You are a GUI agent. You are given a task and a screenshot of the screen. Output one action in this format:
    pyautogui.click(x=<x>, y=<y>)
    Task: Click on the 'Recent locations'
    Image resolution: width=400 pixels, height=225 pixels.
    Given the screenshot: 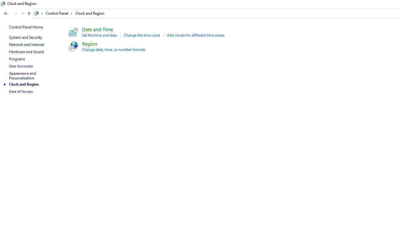 What is the action you would take?
    pyautogui.click(x=22, y=13)
    